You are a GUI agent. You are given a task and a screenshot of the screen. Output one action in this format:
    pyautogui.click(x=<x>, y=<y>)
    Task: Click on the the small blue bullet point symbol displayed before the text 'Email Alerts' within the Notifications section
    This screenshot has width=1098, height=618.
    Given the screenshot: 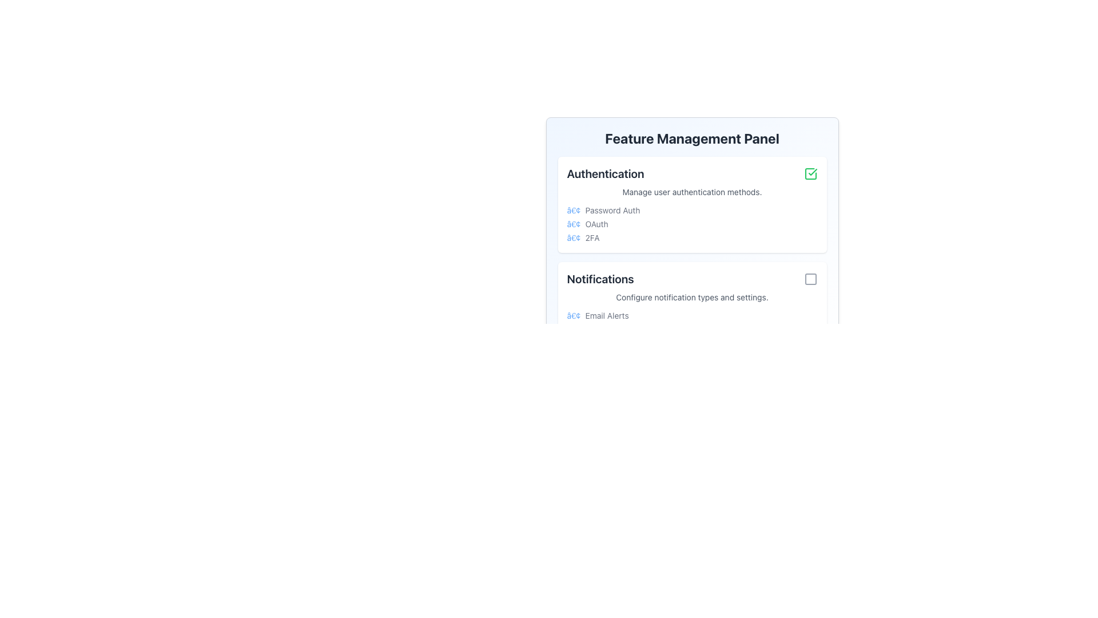 What is the action you would take?
    pyautogui.click(x=574, y=315)
    